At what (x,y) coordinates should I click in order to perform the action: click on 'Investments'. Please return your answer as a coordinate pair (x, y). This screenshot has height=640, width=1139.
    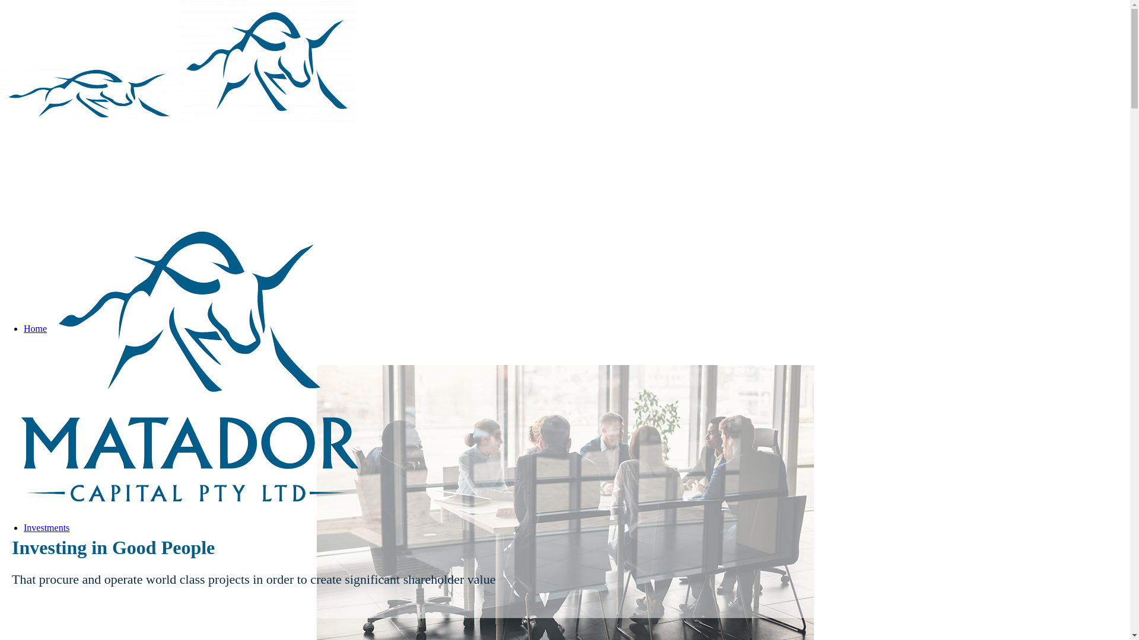
    Looking at the image, I should click on (46, 527).